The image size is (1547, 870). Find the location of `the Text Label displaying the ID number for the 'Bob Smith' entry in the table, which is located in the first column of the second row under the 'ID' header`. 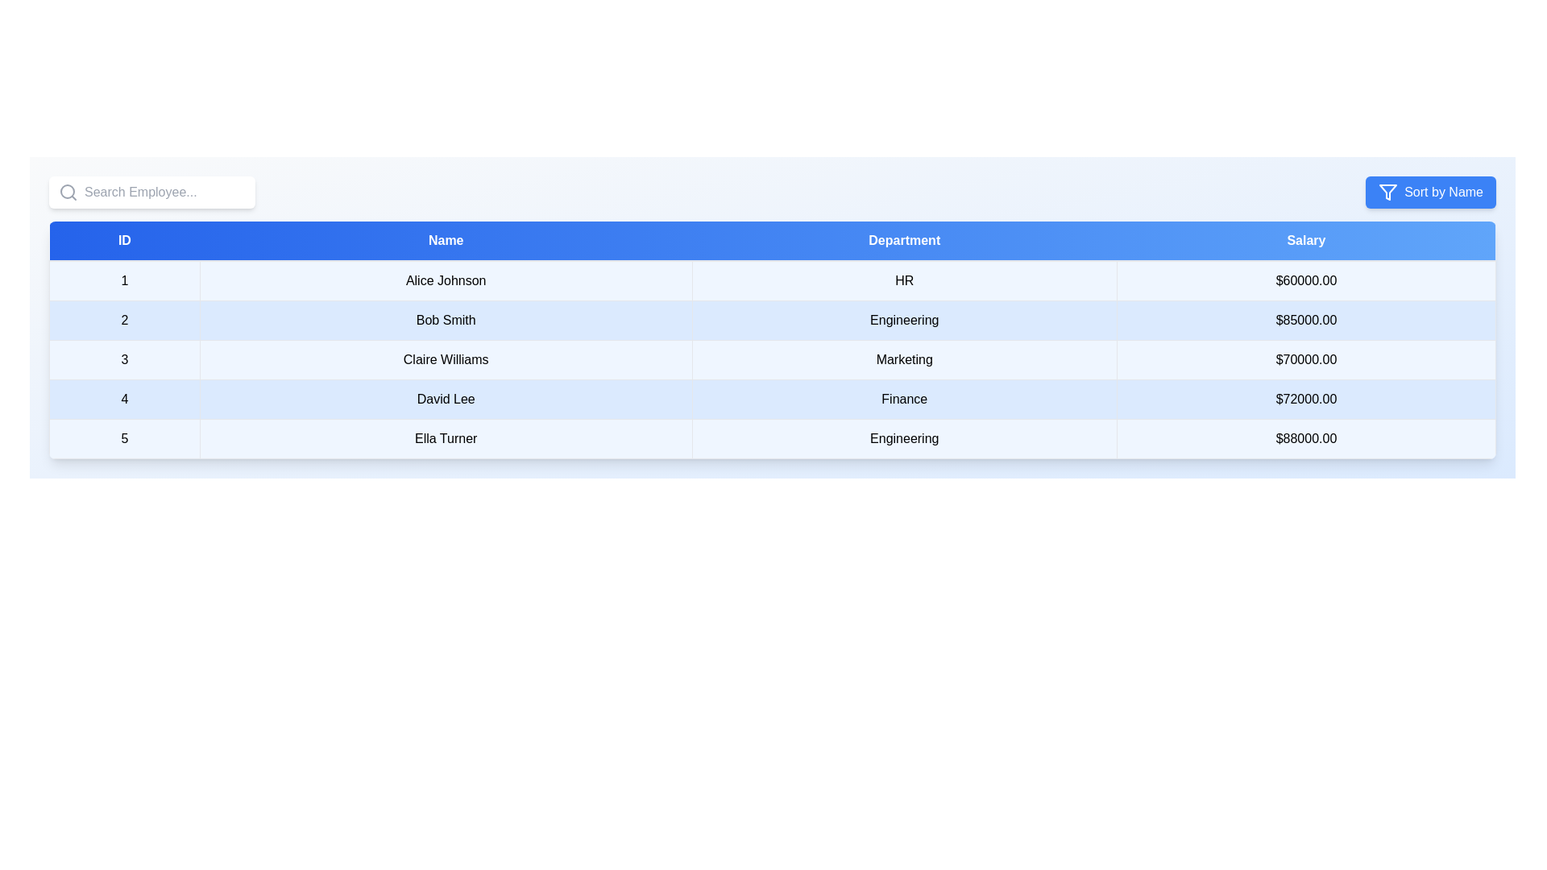

the Text Label displaying the ID number for the 'Bob Smith' entry in the table, which is located in the first column of the second row under the 'ID' header is located at coordinates (123, 320).